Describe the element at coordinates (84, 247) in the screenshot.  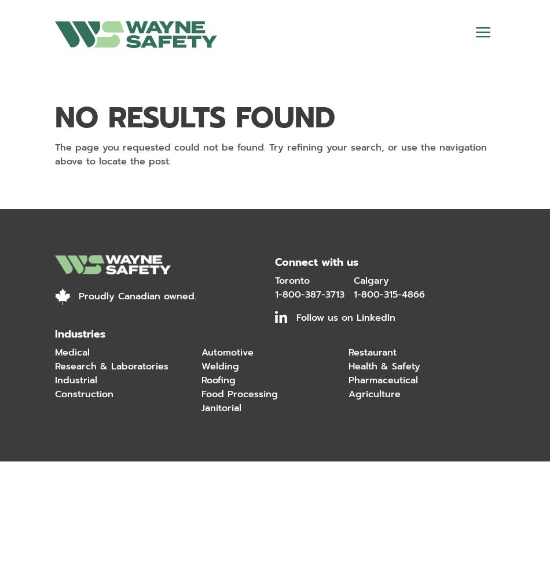
I see `'Respirators'` at that location.